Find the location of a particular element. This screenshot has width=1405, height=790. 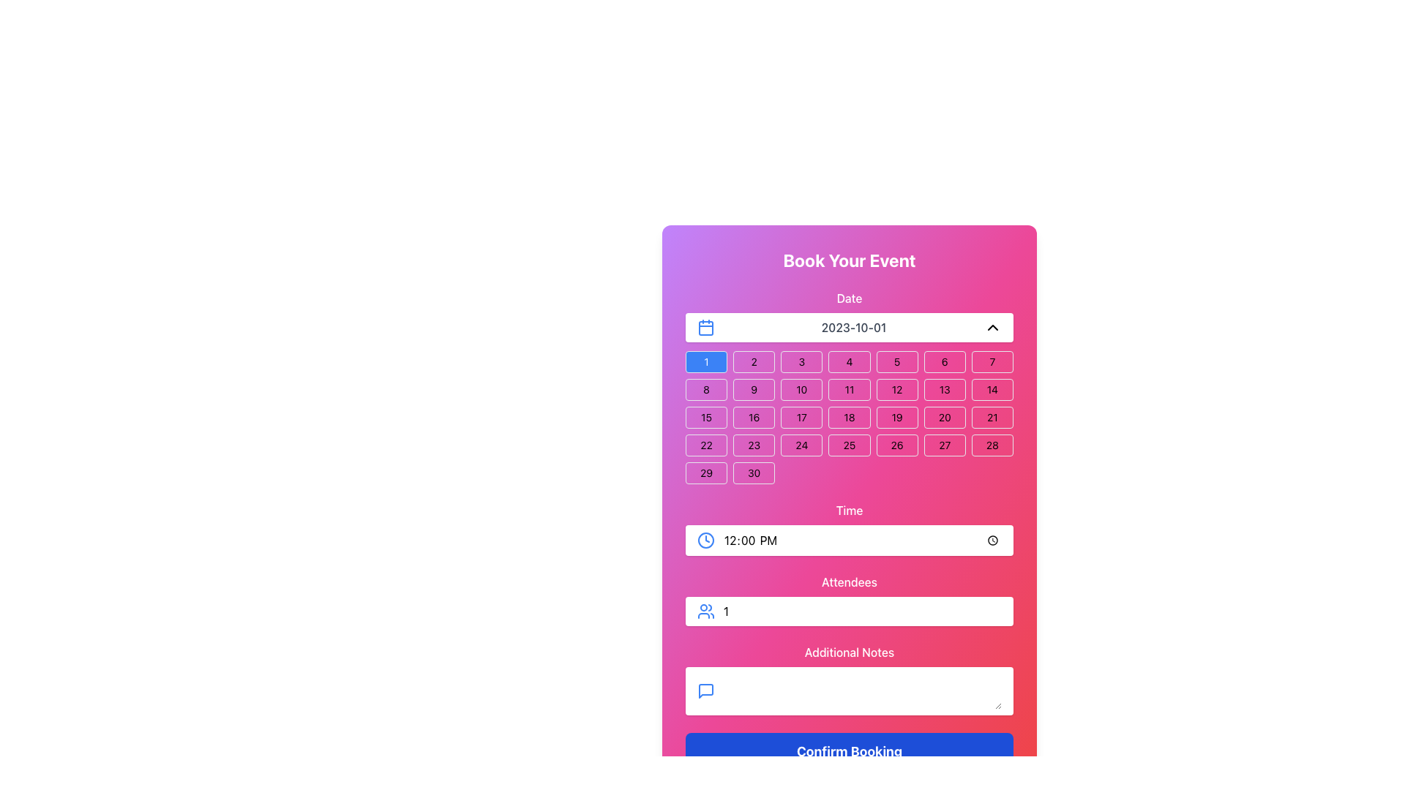

the calendar icon located on the leftmost side of the widget, which is positioned below the 'Date' label is located at coordinates (705, 326).